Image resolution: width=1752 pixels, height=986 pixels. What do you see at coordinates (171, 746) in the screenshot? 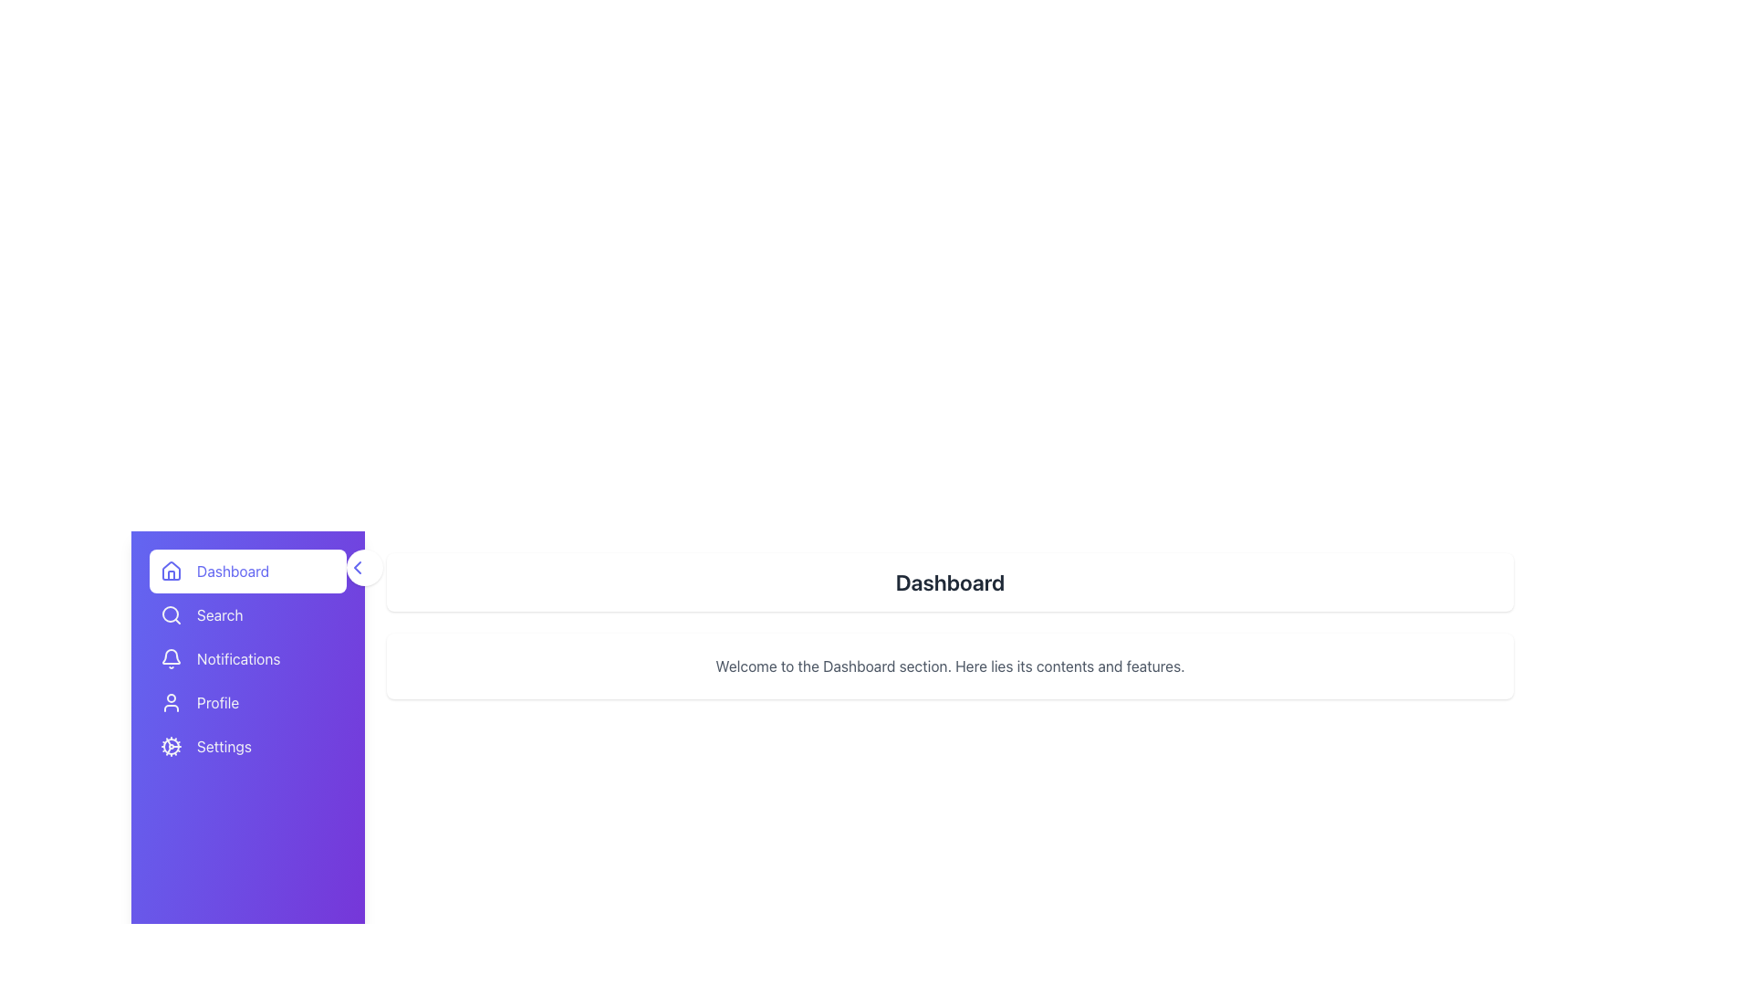
I see `the settings cogwheel by clicking on the inner circular icon, which is located at the center of the cogwheel graphic` at bounding box center [171, 746].